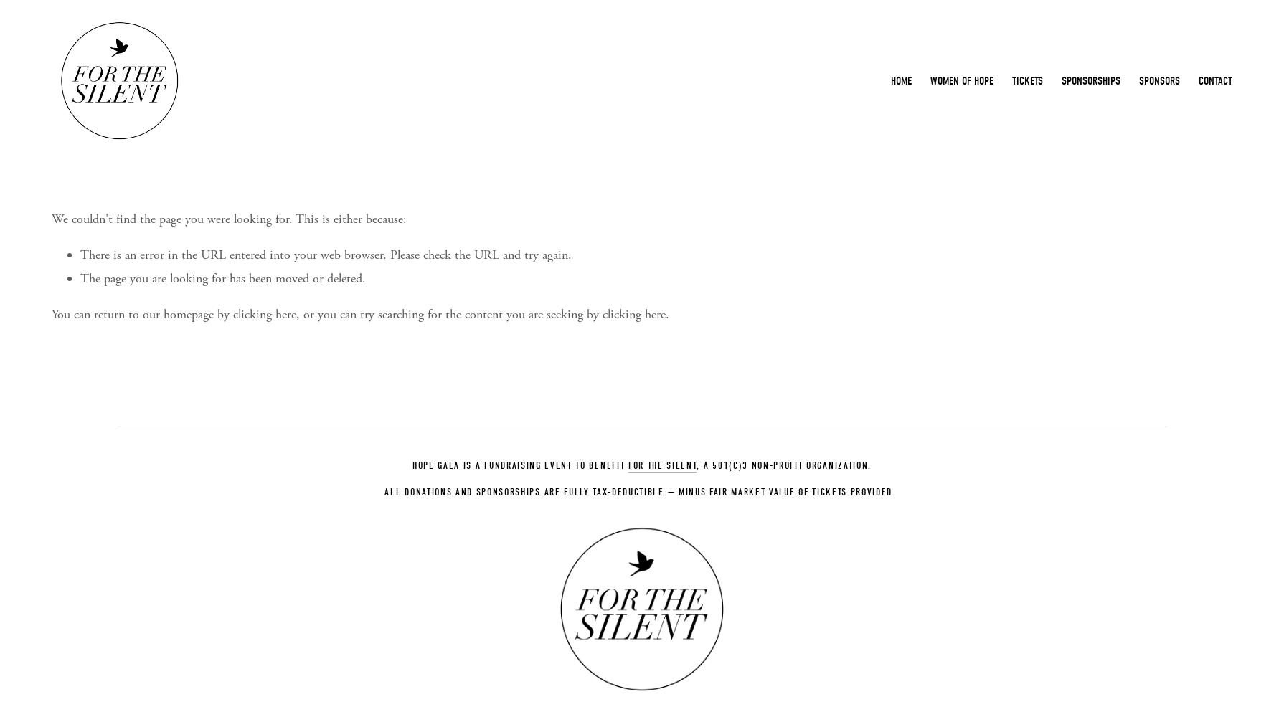 This screenshot has width=1284, height=717. I want to click on 'Hope Gala is a fundraising Event to benefit', so click(519, 465).